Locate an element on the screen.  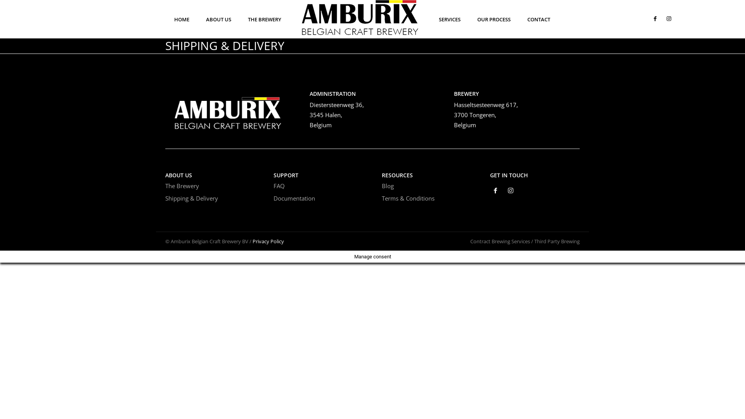
'Blog' is located at coordinates (388, 185).